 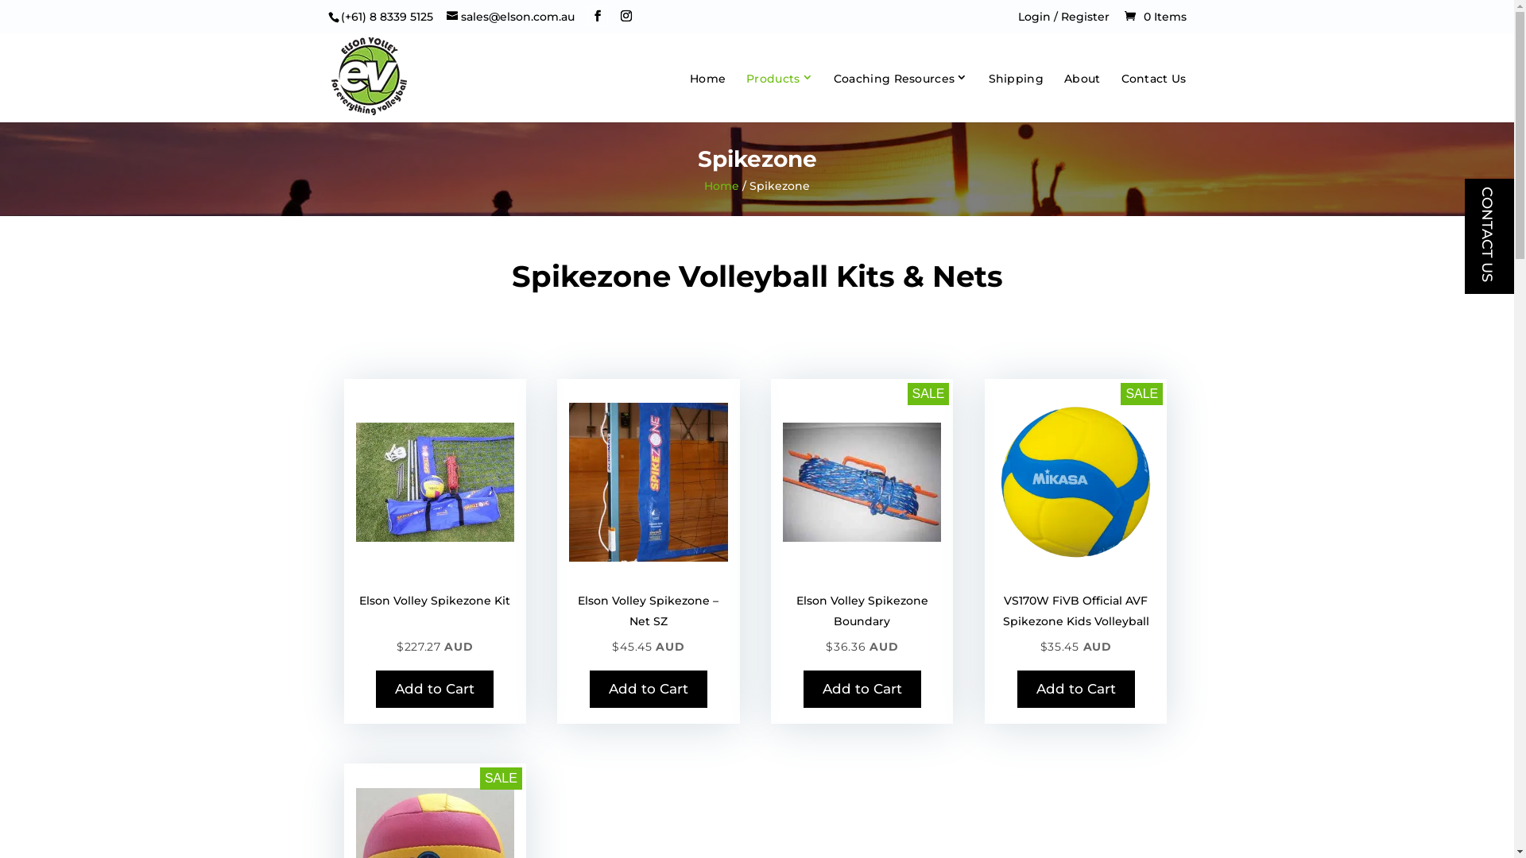 I want to click on 'Spikezone', so click(x=435, y=481).